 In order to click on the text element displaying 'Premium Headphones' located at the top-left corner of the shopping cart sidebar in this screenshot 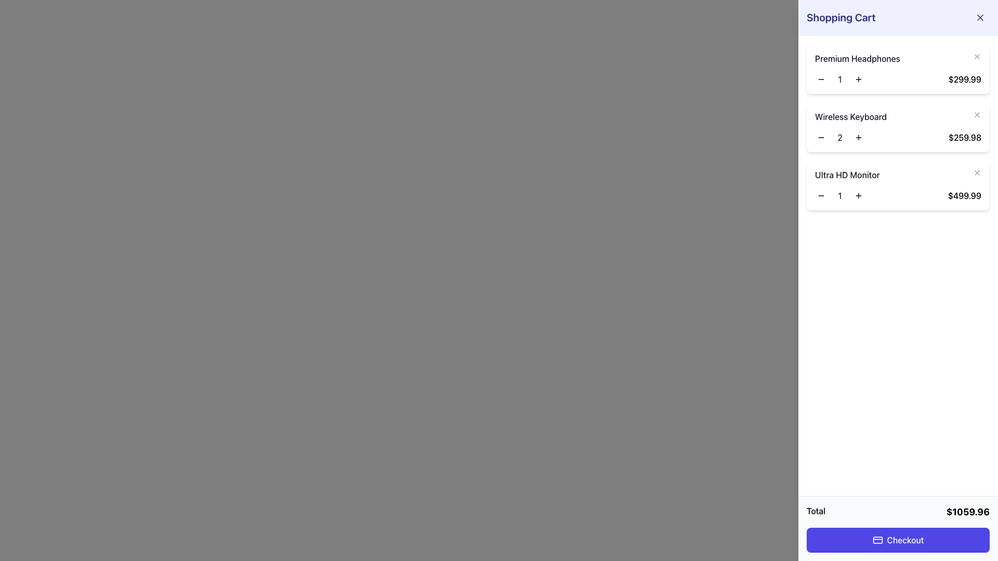, I will do `click(858, 58)`.